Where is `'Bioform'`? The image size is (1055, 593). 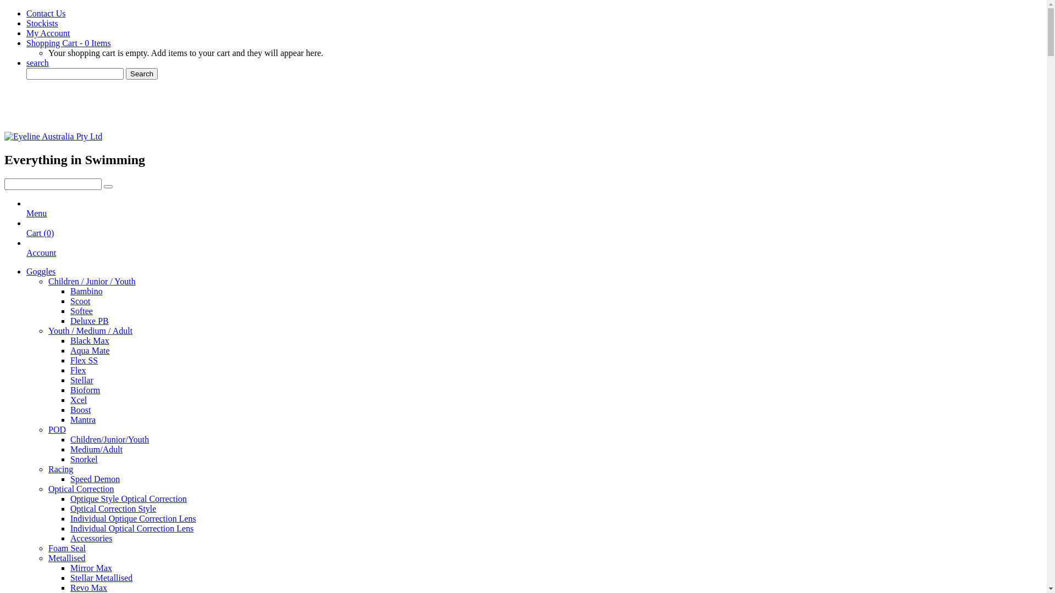 'Bioform' is located at coordinates (84, 389).